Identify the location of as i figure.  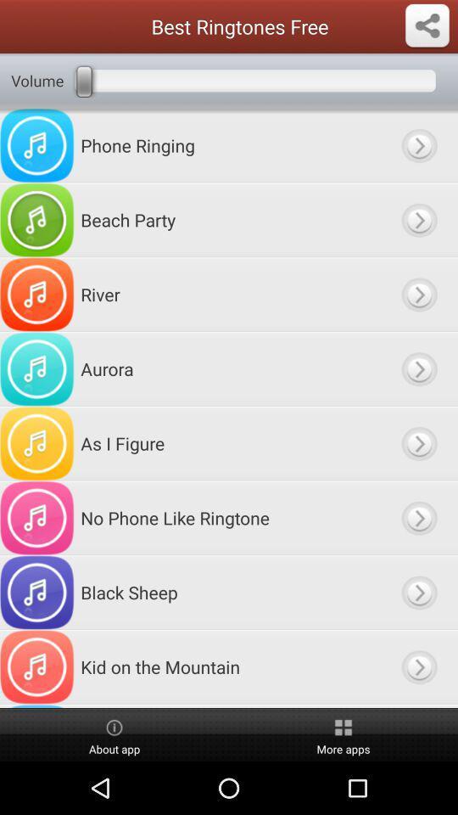
(418, 442).